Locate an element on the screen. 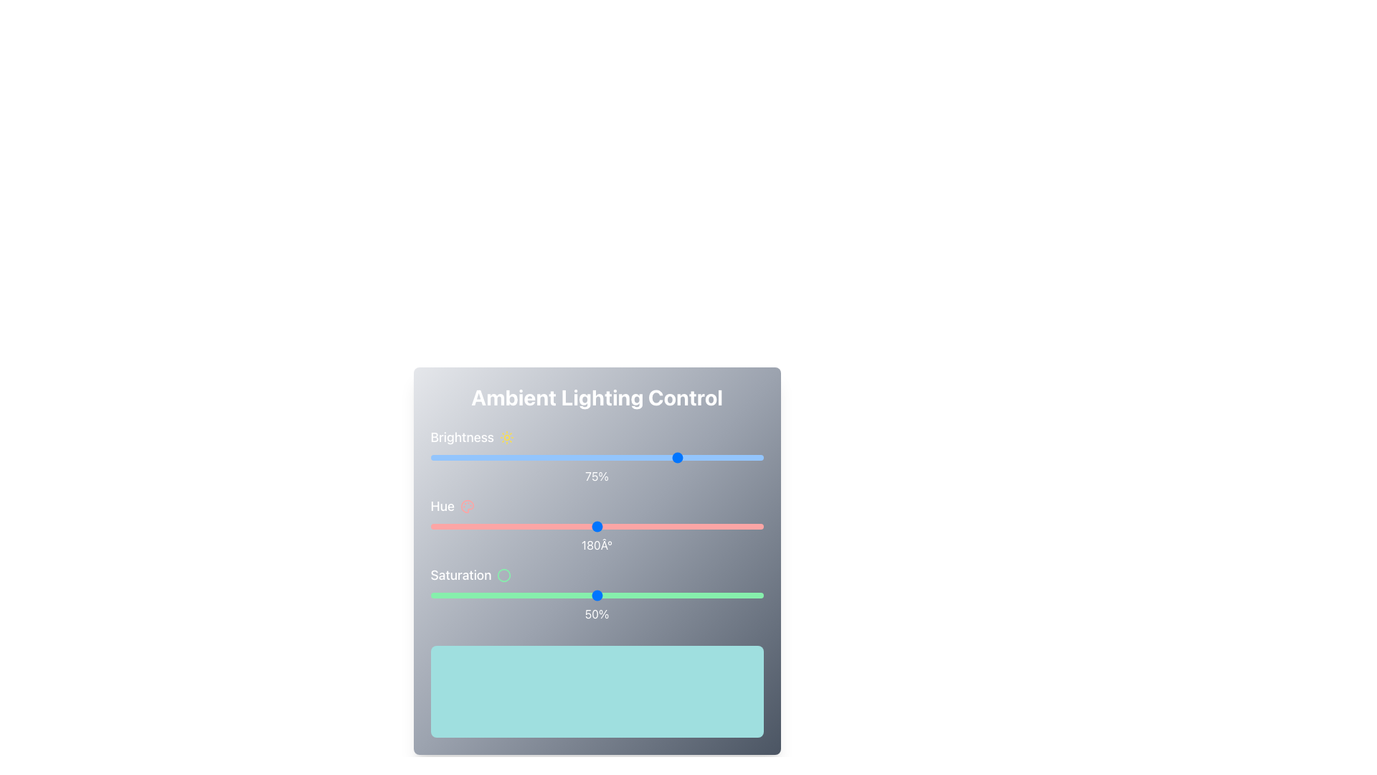 Image resolution: width=1377 pixels, height=775 pixels. the brightness icon located in the 'Ambient Lighting Control' section, immediately to the right of the textual label 'Brightness' is located at coordinates (506, 436).